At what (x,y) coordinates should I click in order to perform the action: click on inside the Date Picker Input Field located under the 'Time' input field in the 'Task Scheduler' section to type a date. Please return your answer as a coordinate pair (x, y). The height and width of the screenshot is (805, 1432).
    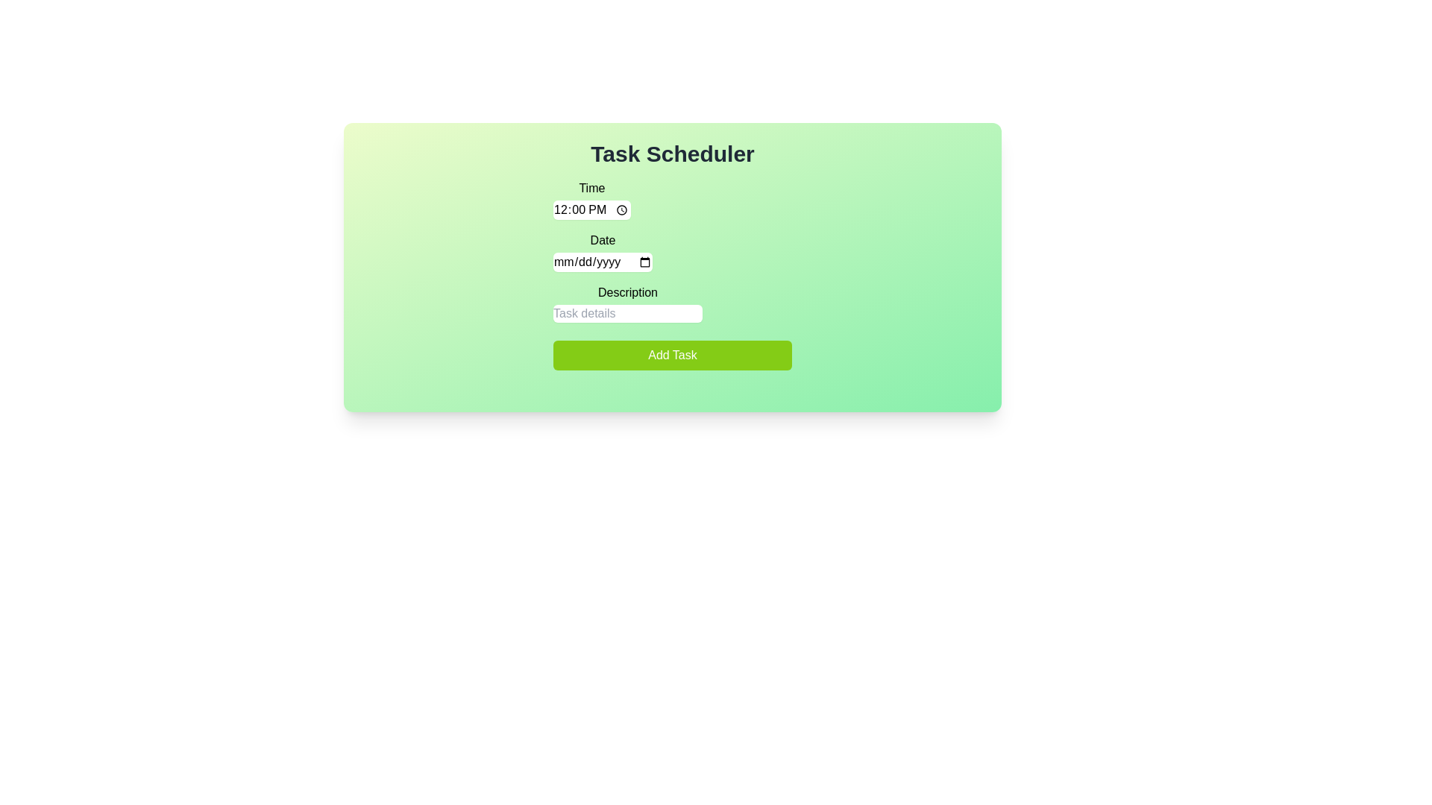
    Looking at the image, I should click on (603, 251).